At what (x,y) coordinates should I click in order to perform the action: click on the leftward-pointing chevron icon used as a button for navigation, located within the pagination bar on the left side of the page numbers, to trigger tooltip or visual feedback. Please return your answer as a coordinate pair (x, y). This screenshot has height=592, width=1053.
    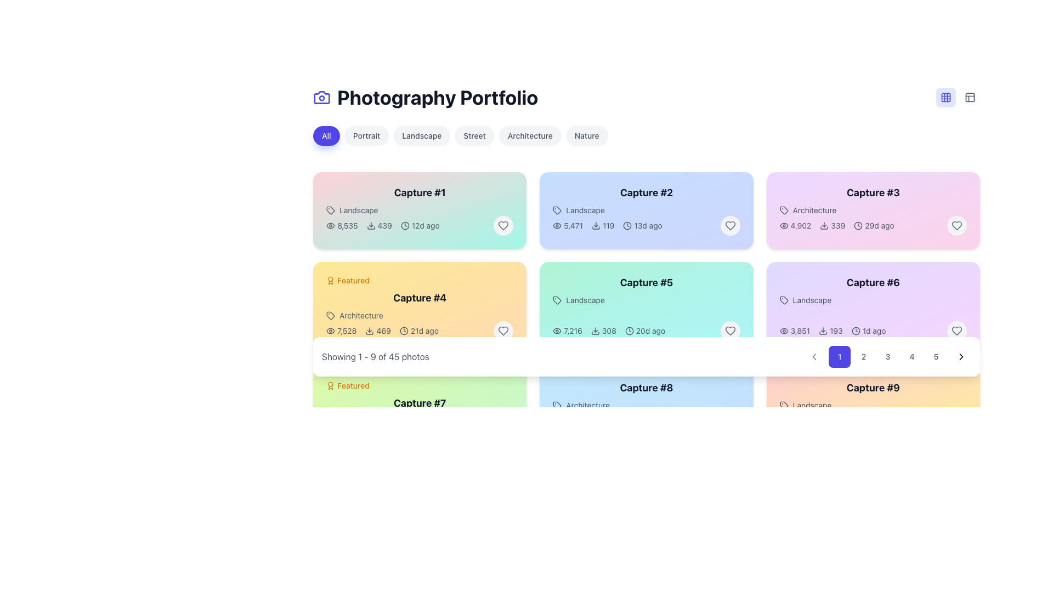
    Looking at the image, I should click on (814, 357).